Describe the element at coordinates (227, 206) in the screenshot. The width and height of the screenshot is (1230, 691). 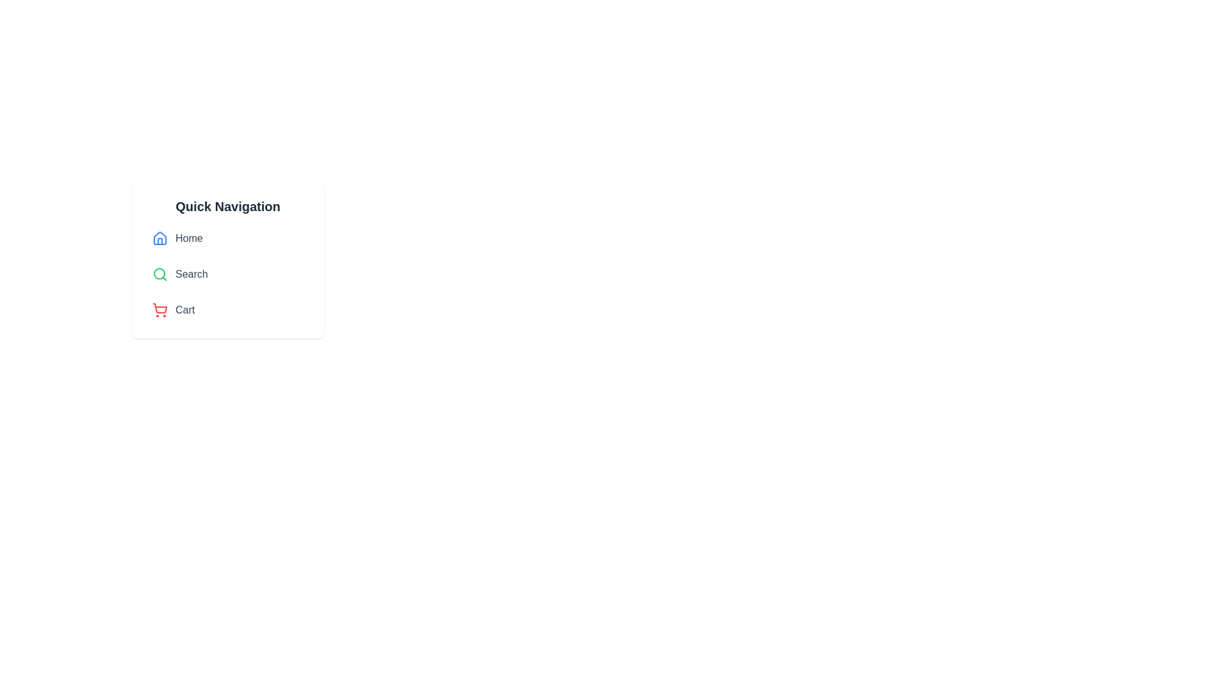
I see `the text label that serves as the heading for the navigation box, which is located at the top of the navigation links` at that location.